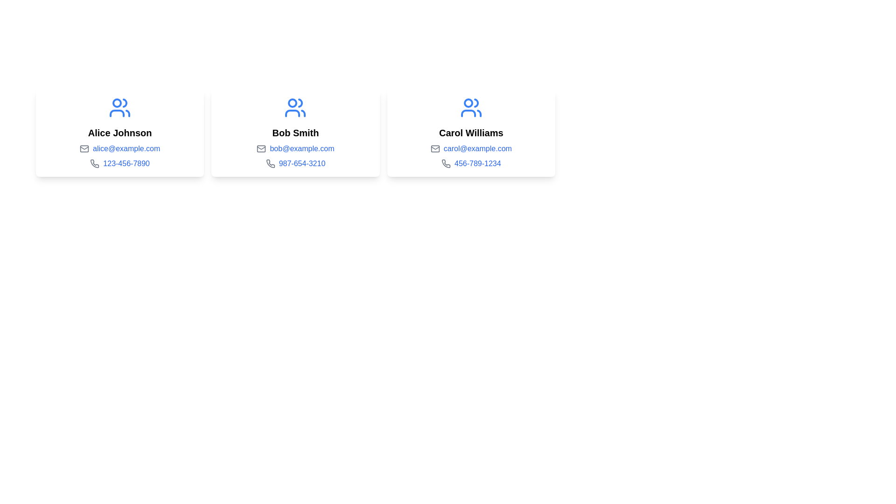 The width and height of the screenshot is (896, 504). Describe the element at coordinates (470, 148) in the screenshot. I see `the interactive text link for 'Carol Williams' located below her name and above the phone number` at that location.